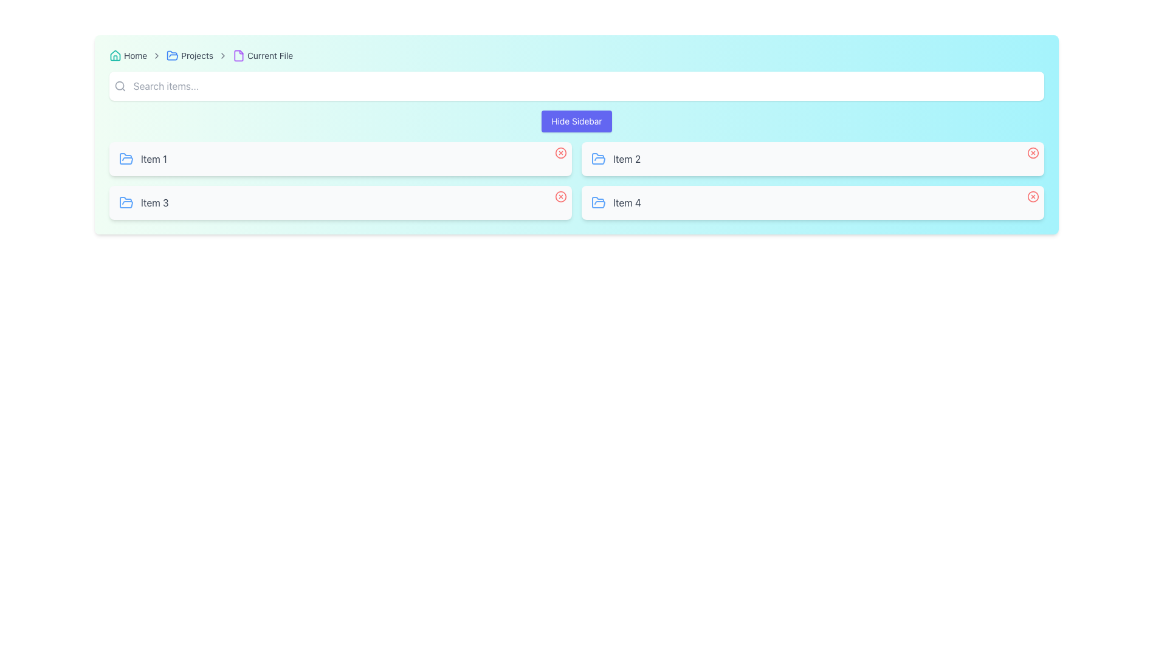 The width and height of the screenshot is (1167, 656). Describe the element at coordinates (172, 56) in the screenshot. I see `the 'Projects' folder icon in the breadcrumb navigation` at that location.